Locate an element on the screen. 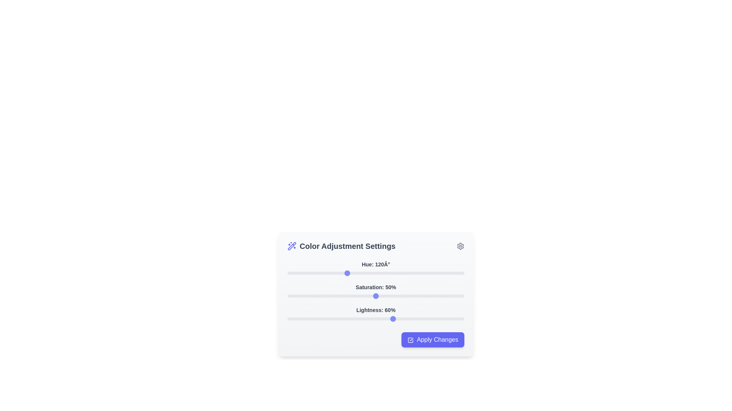 Image resolution: width=732 pixels, height=411 pixels. the magic wand icon with sparkles, which is styled in indigo and located to the left of the 'Color Adjustment Settings' text in the header is located at coordinates (292, 246).